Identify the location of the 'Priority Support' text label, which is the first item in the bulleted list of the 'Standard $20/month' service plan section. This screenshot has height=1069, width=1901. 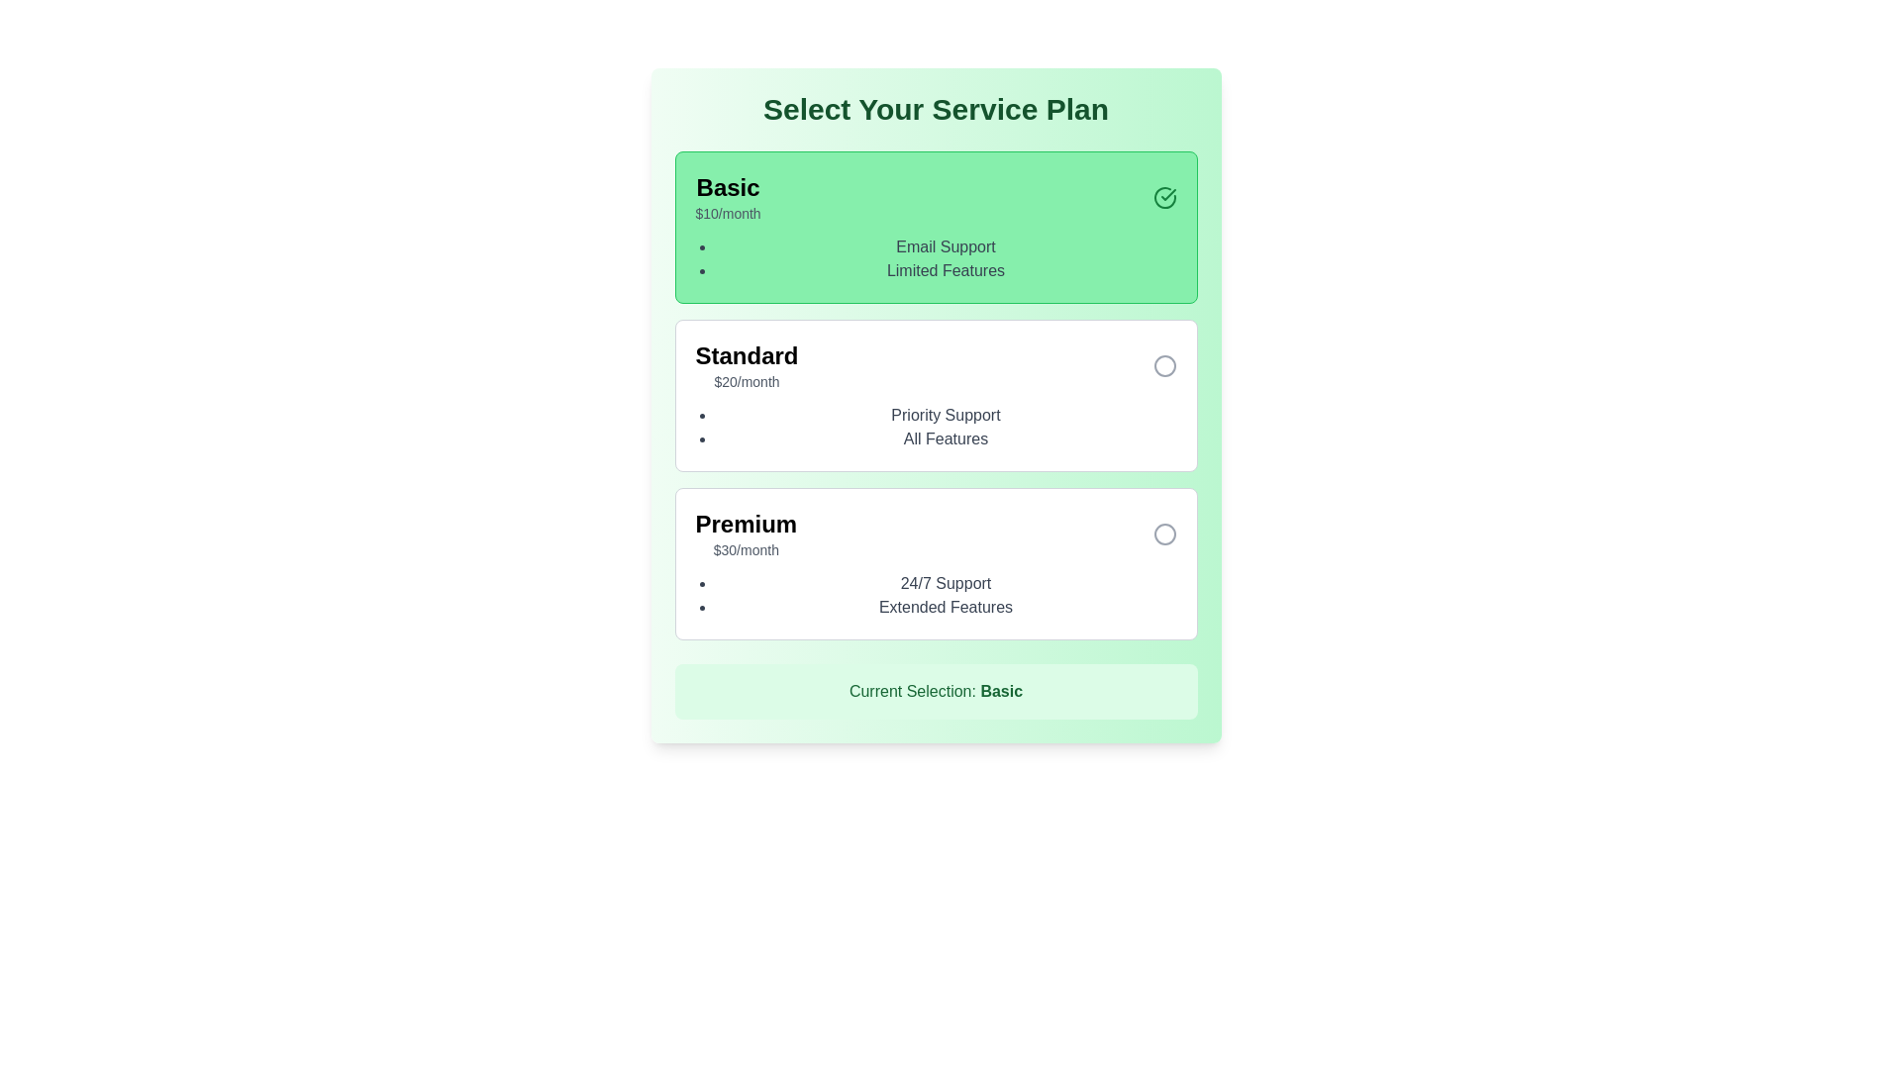
(945, 415).